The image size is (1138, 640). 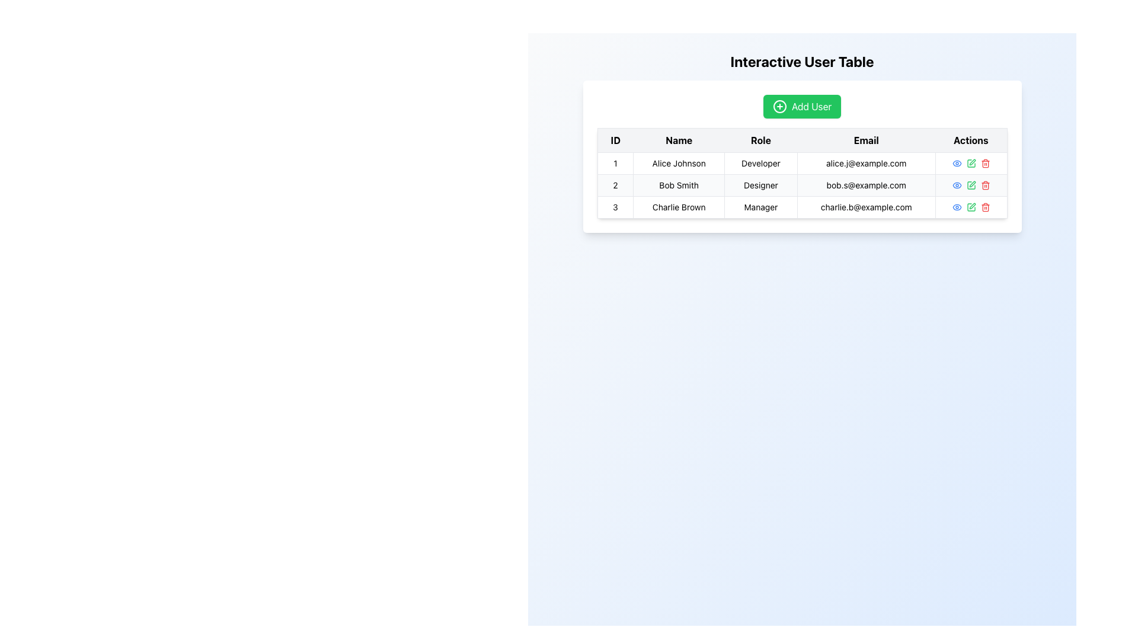 I want to click on the Icon button in the 'Actions' column of the second row for user 'Bob Smith', so click(x=957, y=164).